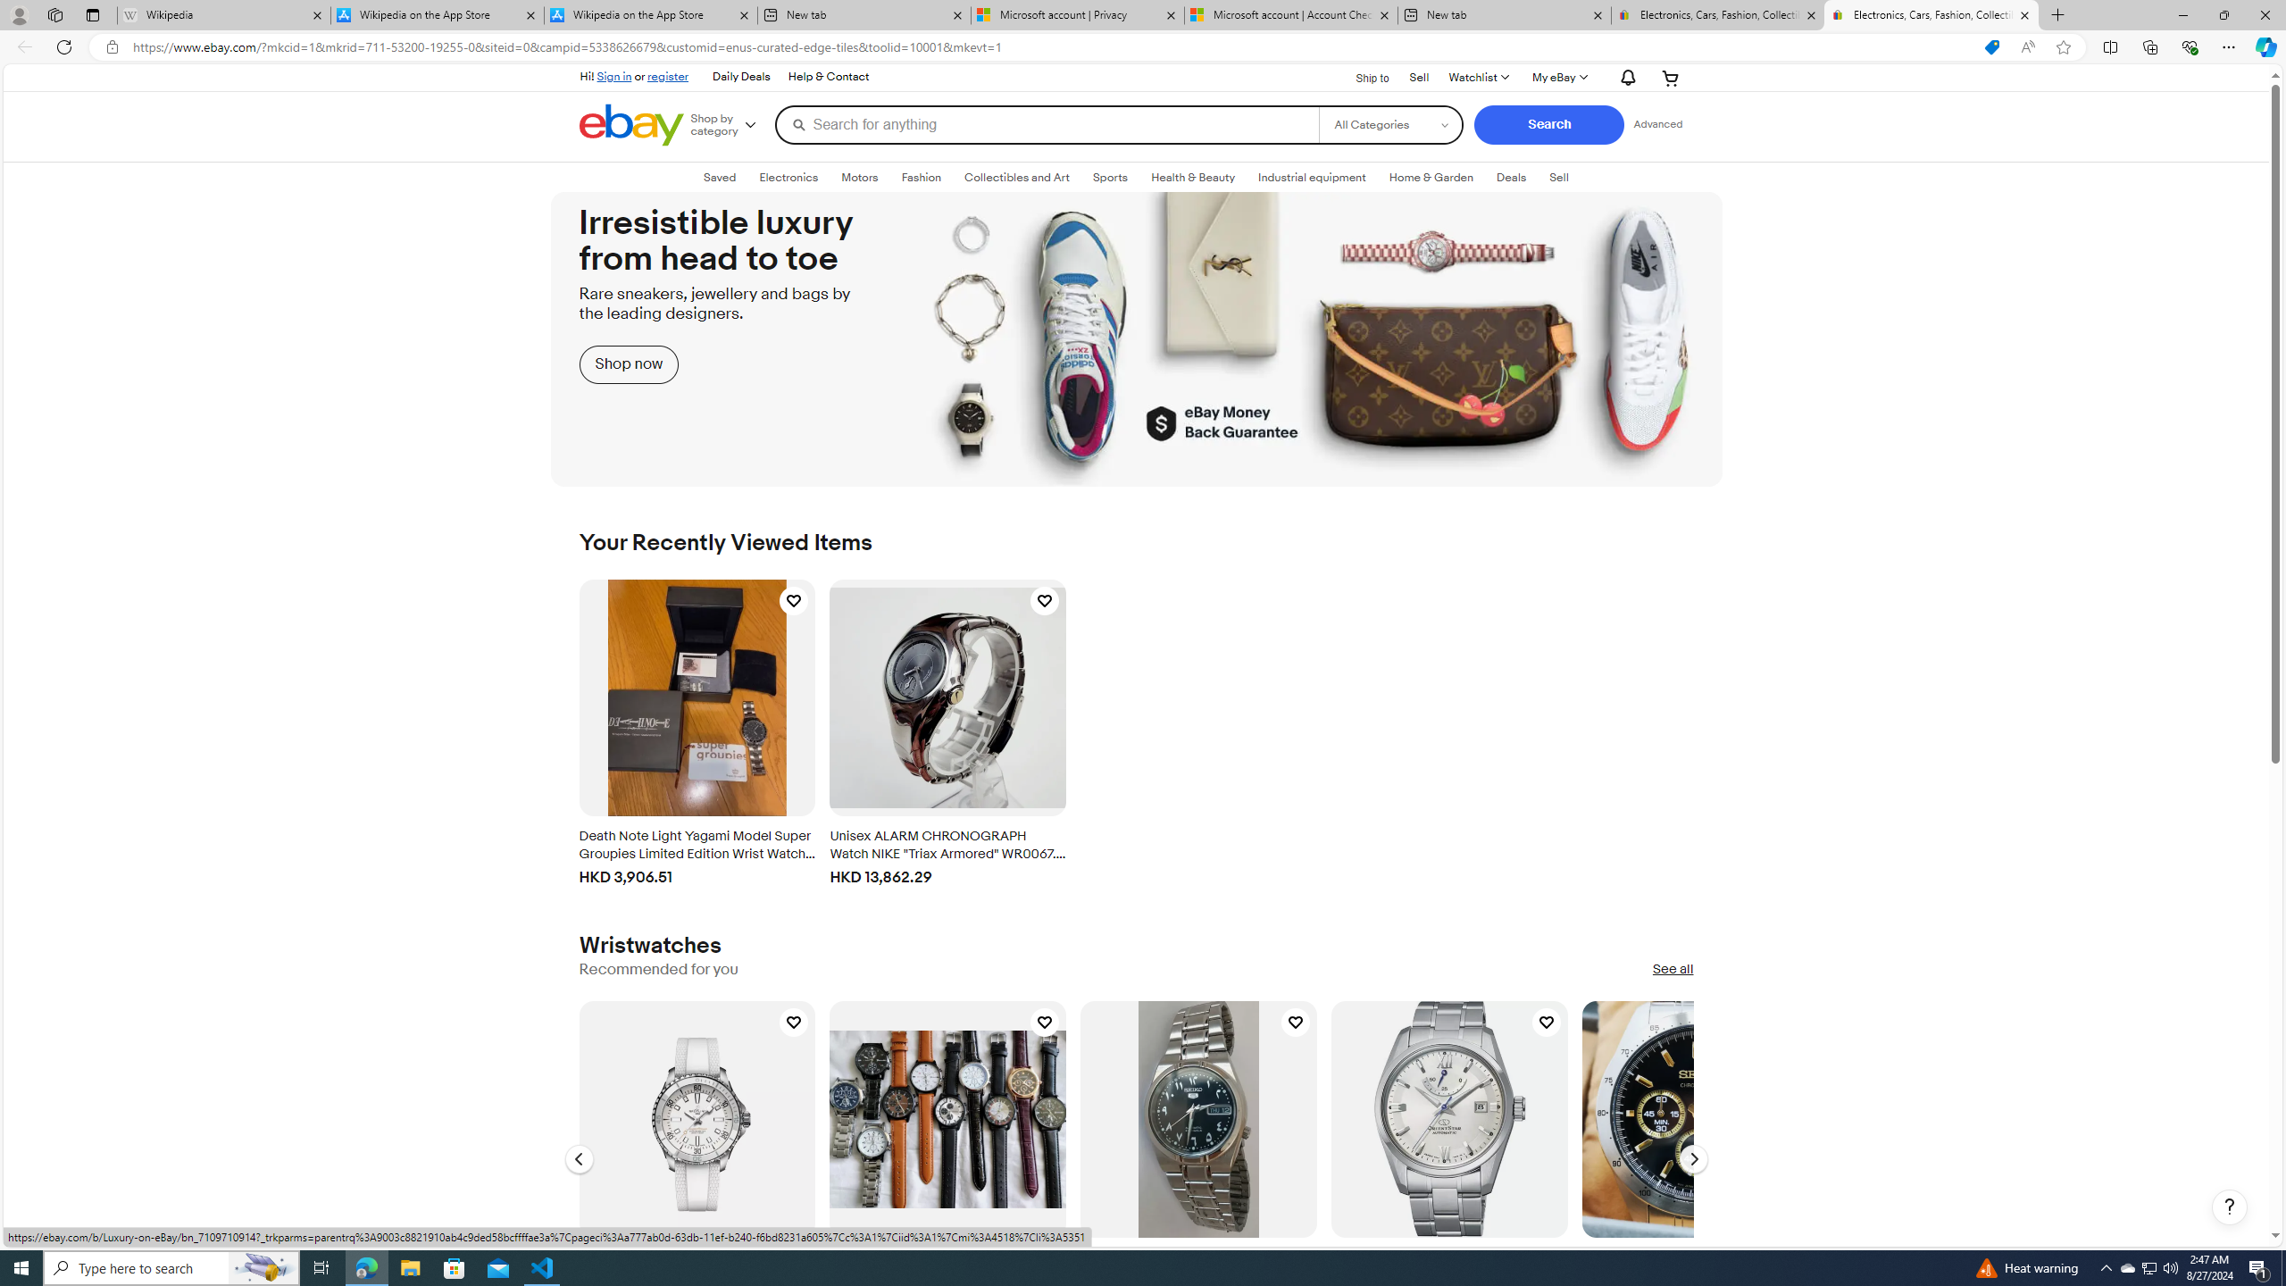 The width and height of the screenshot is (2286, 1286). I want to click on 'Watchlist', so click(1478, 78).